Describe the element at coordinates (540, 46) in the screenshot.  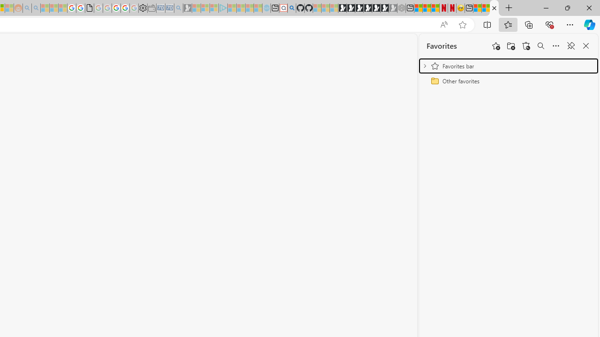
I see `'Search favorites'` at that location.